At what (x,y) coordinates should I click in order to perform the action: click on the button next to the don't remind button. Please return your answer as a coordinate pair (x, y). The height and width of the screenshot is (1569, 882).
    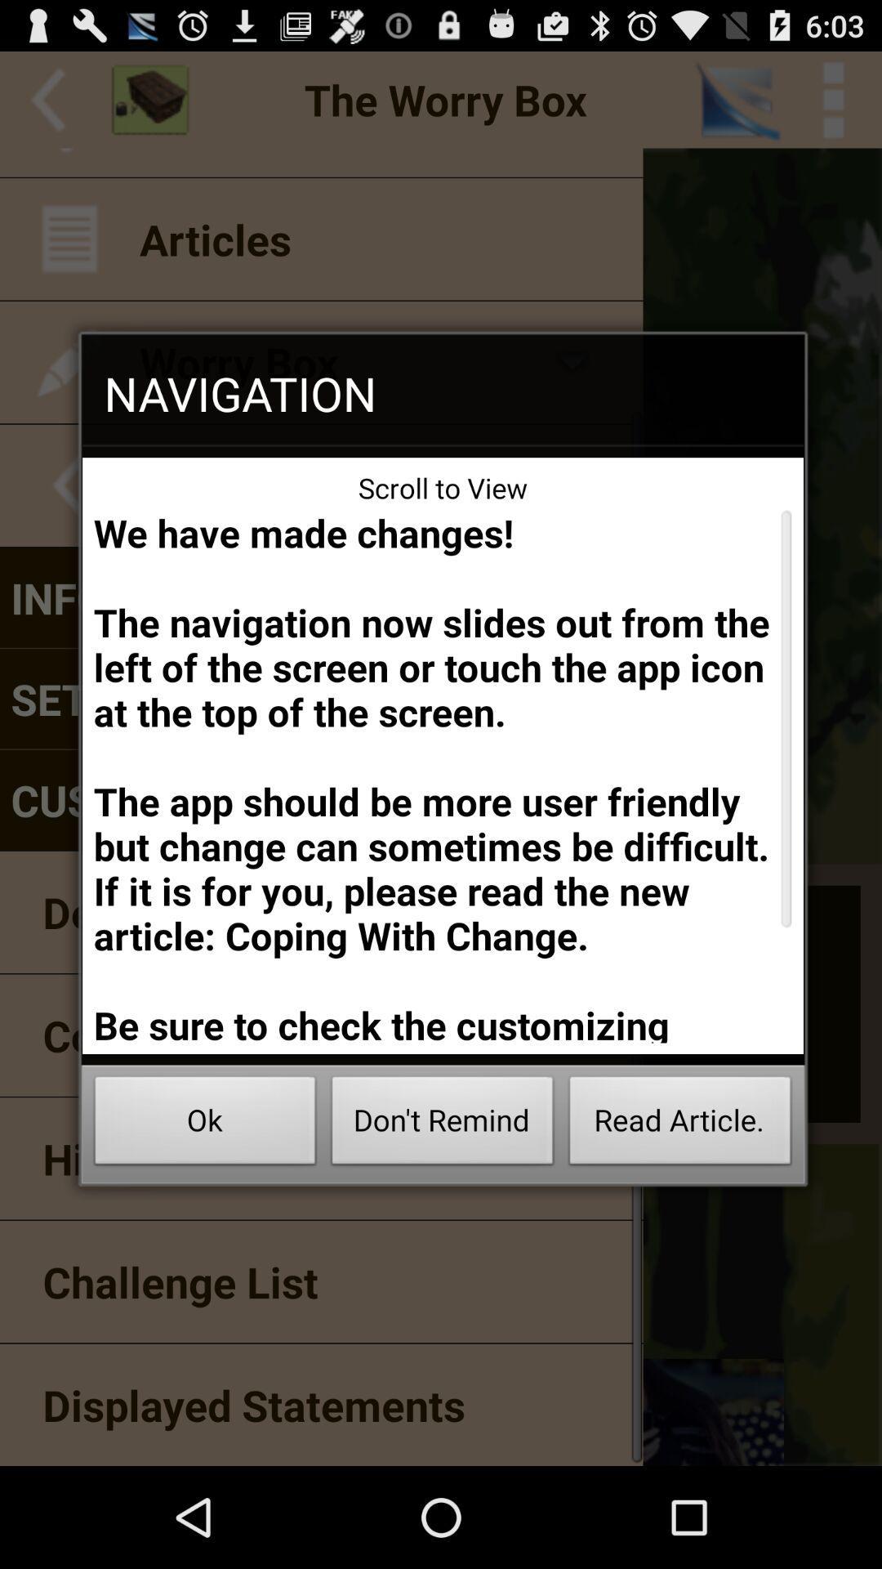
    Looking at the image, I should click on (680, 1124).